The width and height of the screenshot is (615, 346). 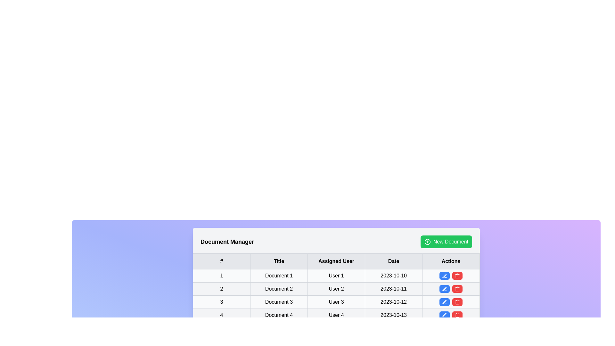 What do you see at coordinates (444, 275) in the screenshot?
I see `the 'Edit' pen icon located in the 'Actions' column of the table row` at bounding box center [444, 275].